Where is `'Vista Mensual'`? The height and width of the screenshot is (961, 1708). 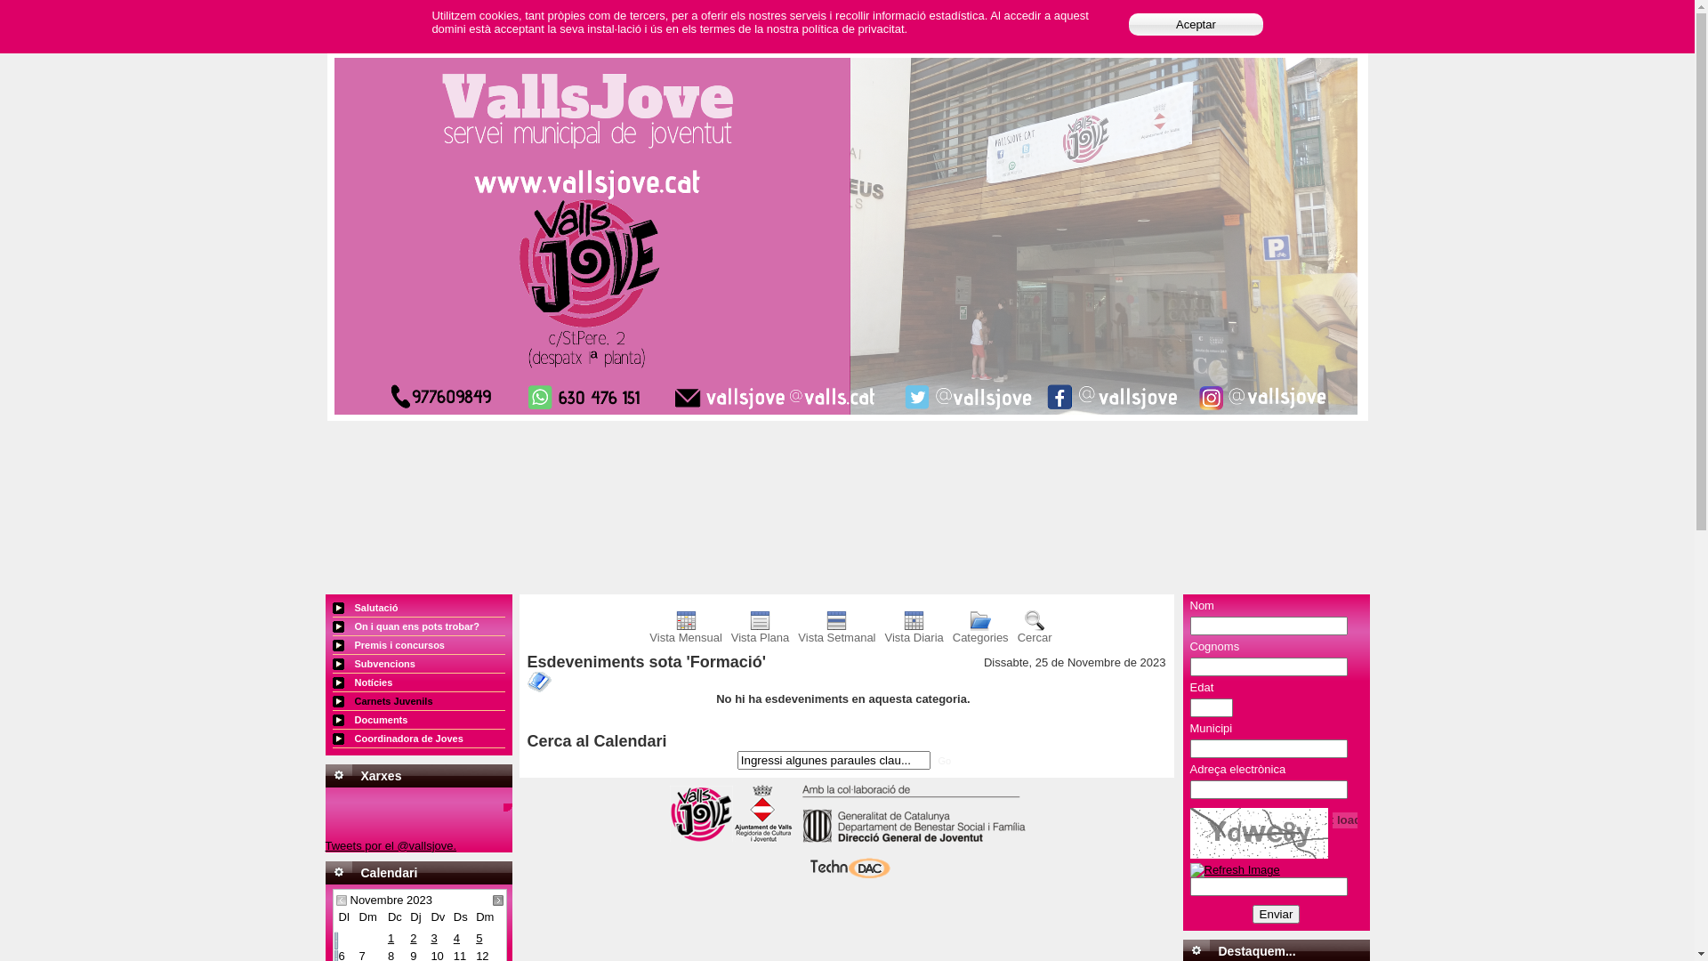 'Vista Mensual' is located at coordinates (684, 631).